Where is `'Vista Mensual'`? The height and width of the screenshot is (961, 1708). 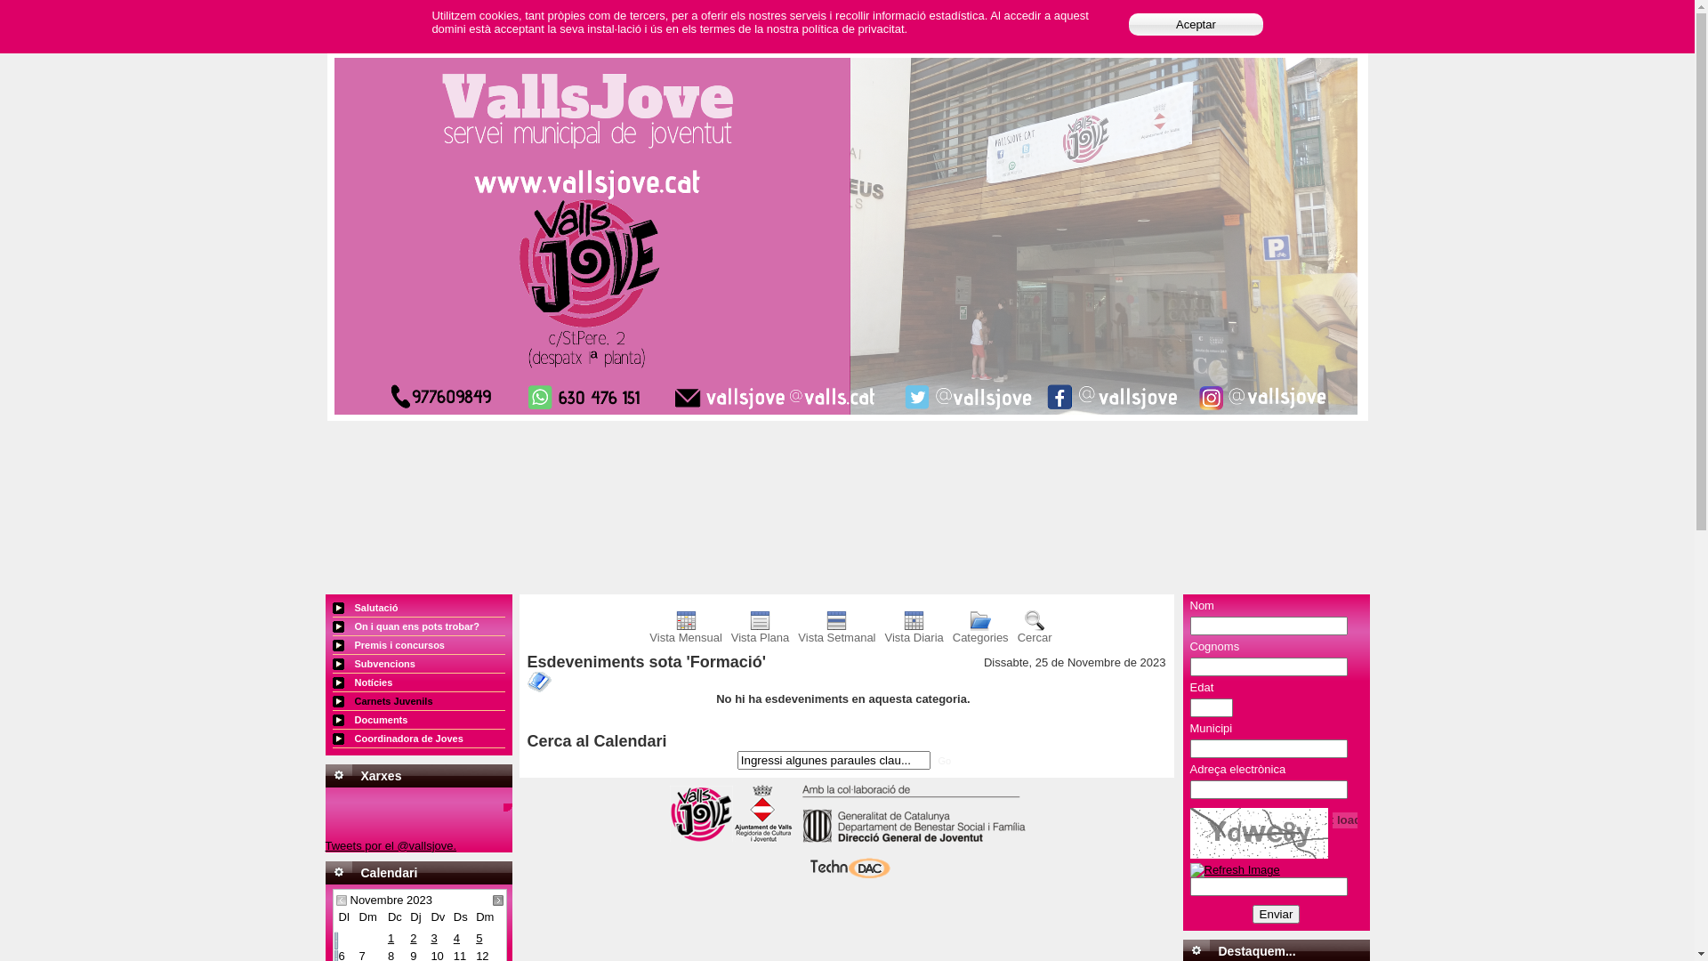 'Vista Mensual' is located at coordinates (684, 631).